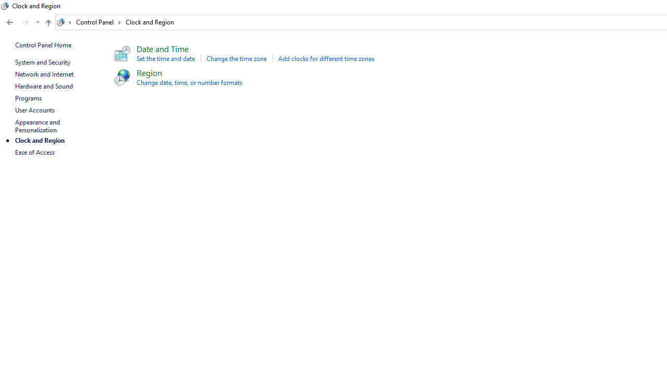  Describe the element at coordinates (10, 22) in the screenshot. I see `'Back to Appearance and Personalization (Alt + Left Arrow)'` at that location.